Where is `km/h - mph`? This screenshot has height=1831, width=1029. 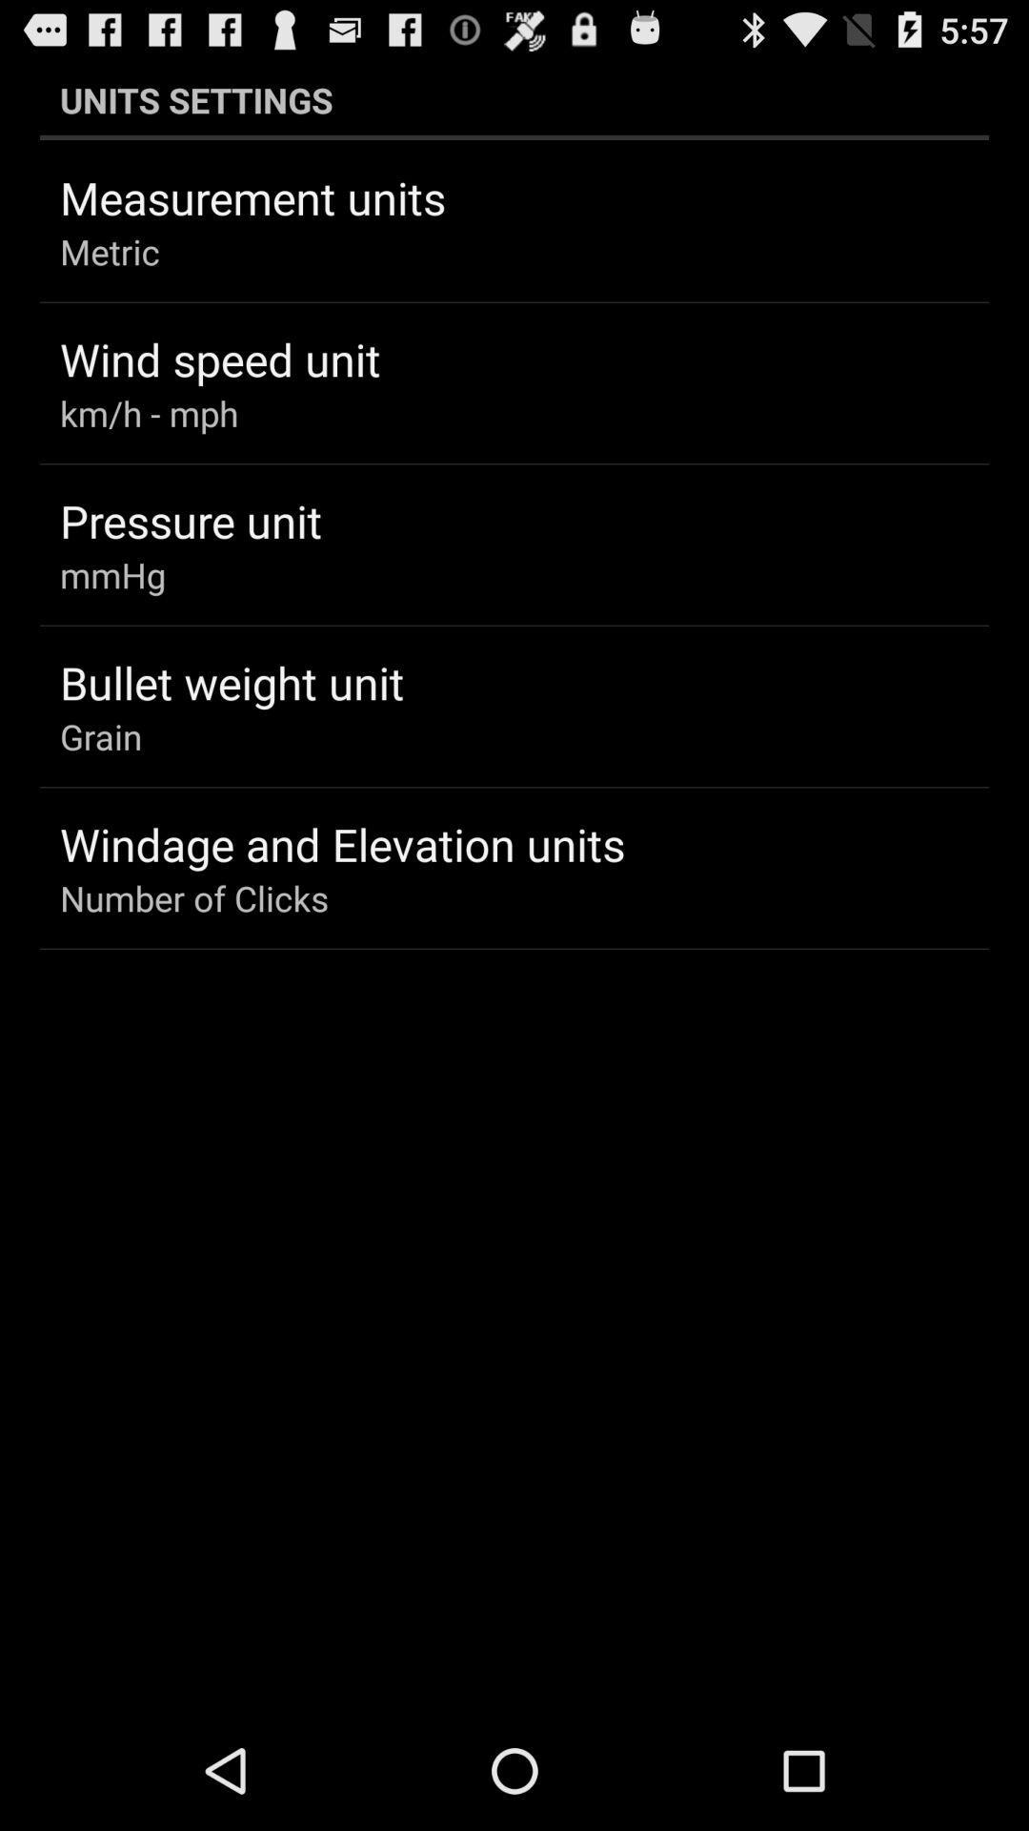 km/h - mph is located at coordinates (148, 412).